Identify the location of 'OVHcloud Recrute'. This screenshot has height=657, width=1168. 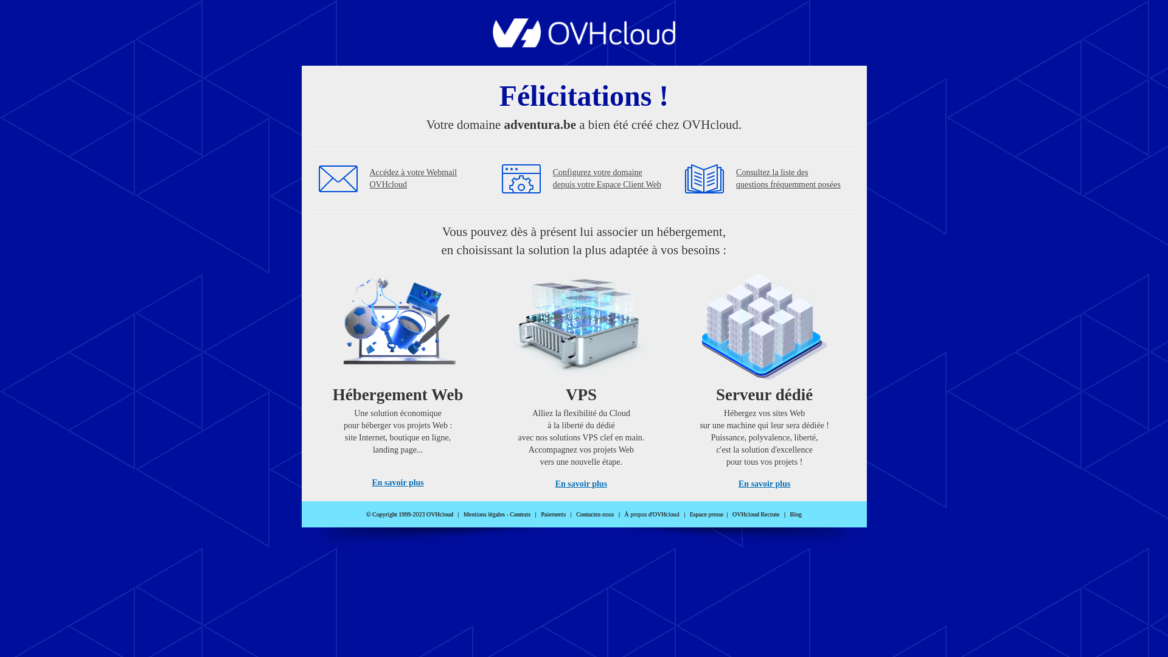
(755, 514).